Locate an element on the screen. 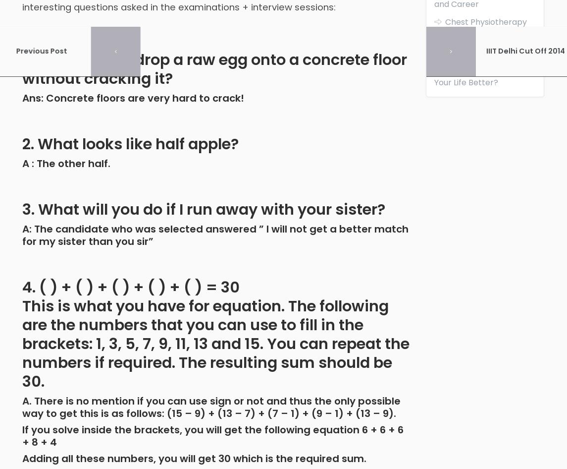  'Can Challenges Make Your Life Better?' is located at coordinates (481, 75).